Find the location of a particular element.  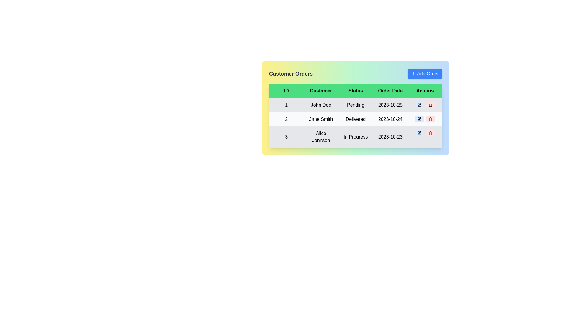

the pen icon embedded in the button located in the 'Actions' column of the second row labeled 'Jane Smith' is located at coordinates (419, 119).